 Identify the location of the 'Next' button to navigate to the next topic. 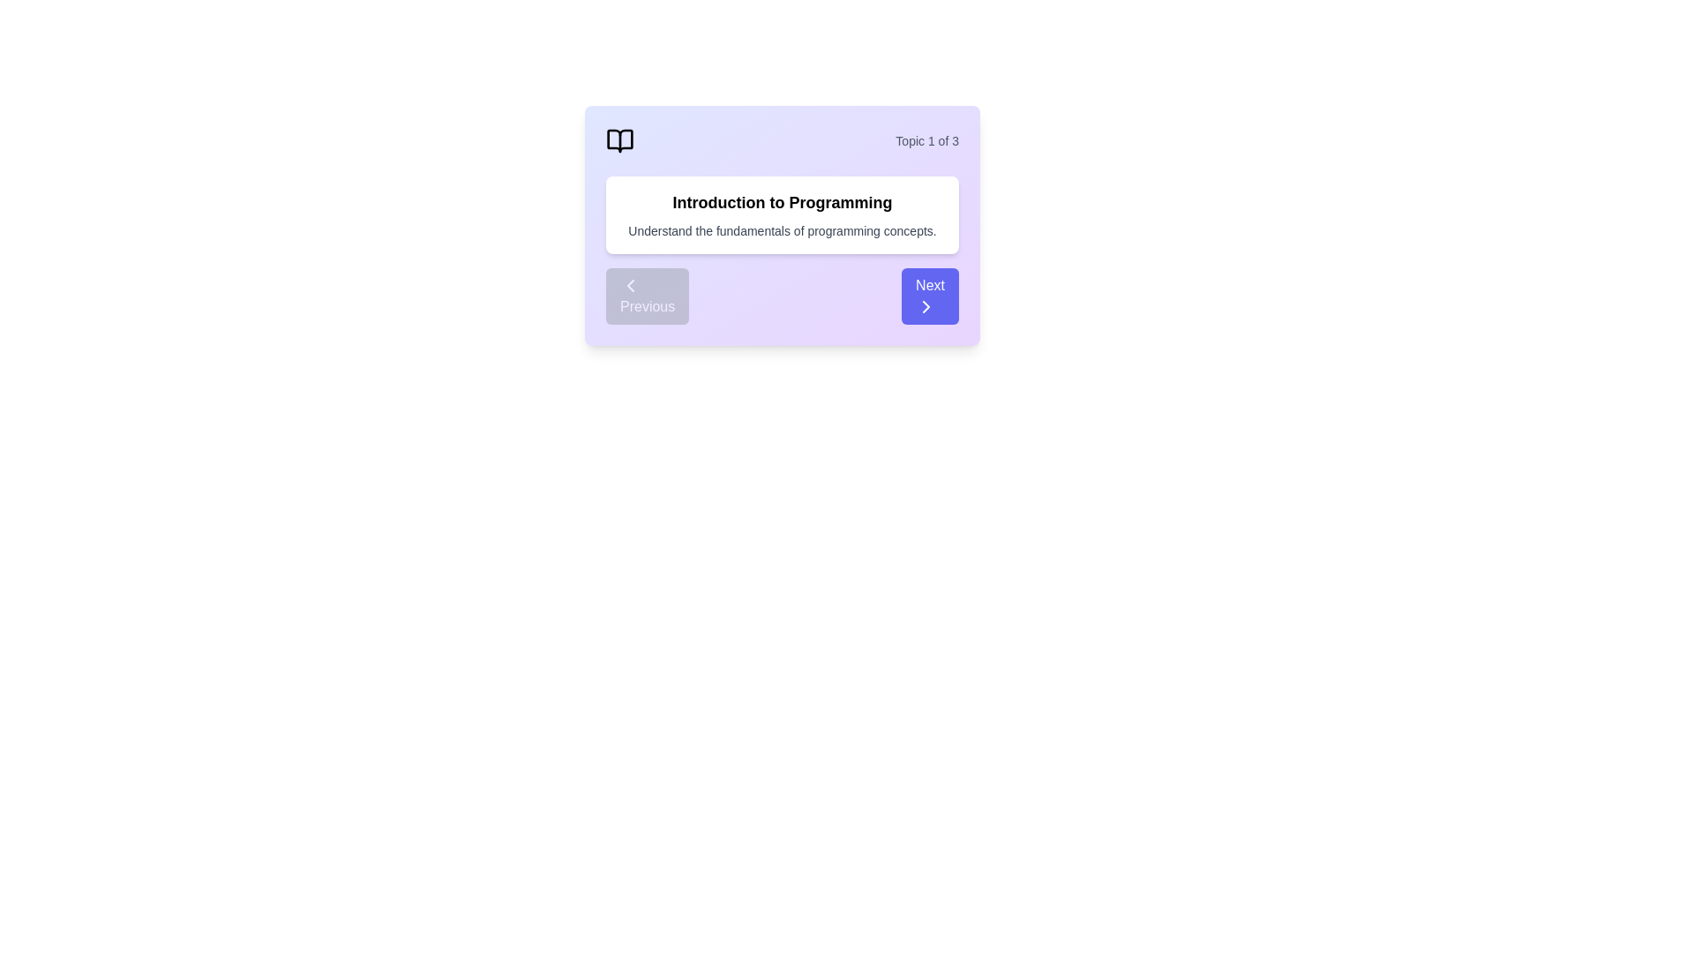
(929, 295).